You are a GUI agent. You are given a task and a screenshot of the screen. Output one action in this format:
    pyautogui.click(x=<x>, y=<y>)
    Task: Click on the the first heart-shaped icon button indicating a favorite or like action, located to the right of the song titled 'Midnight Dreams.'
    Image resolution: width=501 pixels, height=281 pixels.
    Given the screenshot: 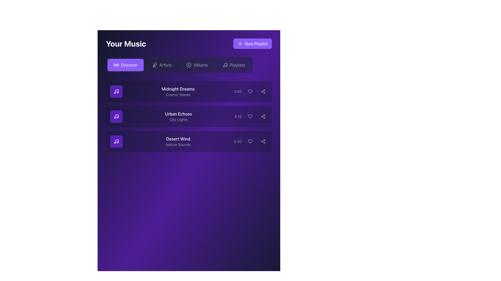 What is the action you would take?
    pyautogui.click(x=250, y=91)
    